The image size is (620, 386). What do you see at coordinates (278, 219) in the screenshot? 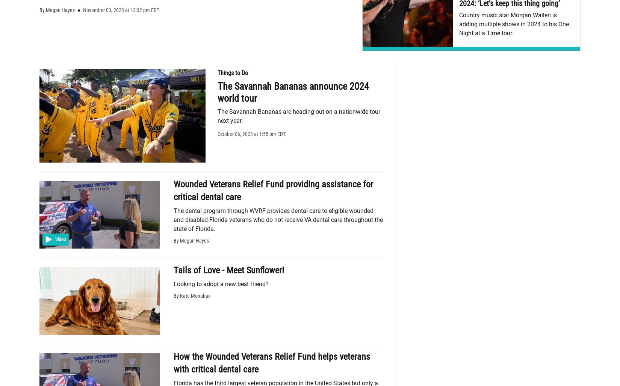
I see `'The dental program through WVRF provides dental care to eligible wounded and disabled Florida veterans who do not receive VA dental care throughout the state of Florida.'` at bounding box center [278, 219].